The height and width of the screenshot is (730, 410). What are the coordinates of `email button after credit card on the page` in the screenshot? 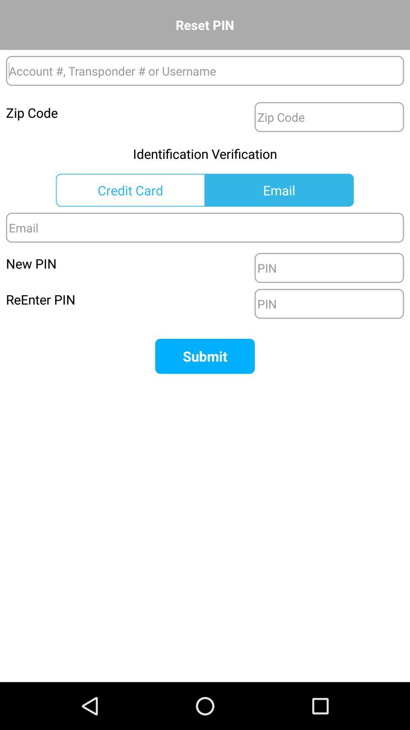 It's located at (279, 190).